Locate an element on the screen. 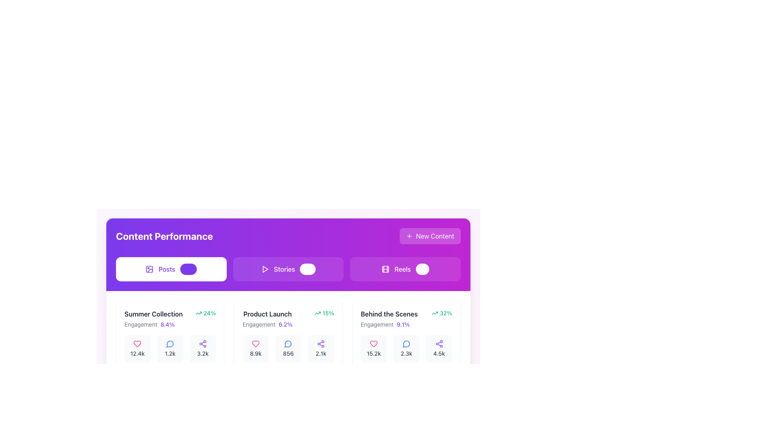 The height and width of the screenshot is (436, 776). the interactive comments icon located above the '1.2k' label in the second interaction statistic group of the 'Summer Collection' content performance section is located at coordinates (170, 344).